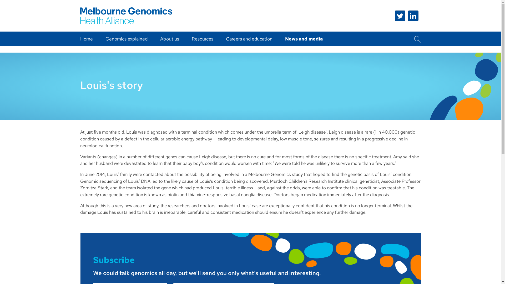 Image resolution: width=505 pixels, height=284 pixels. Describe the element at coordinates (126, 38) in the screenshot. I see `'Genomics explained'` at that location.